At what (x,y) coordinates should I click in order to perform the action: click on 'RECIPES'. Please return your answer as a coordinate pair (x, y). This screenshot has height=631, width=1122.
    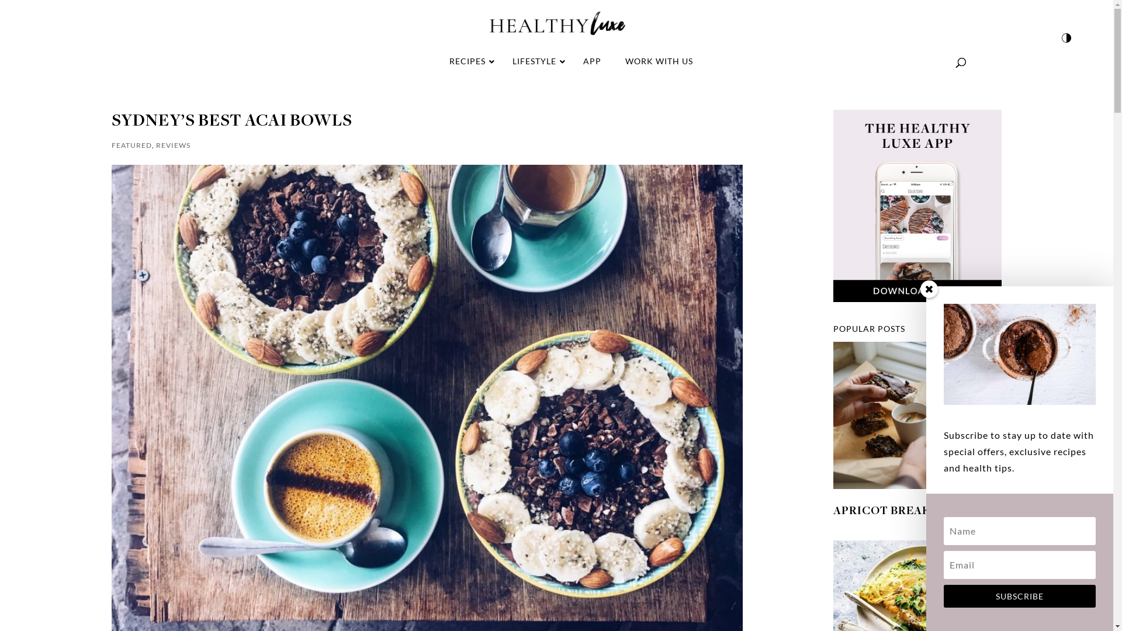
    Looking at the image, I should click on (469, 61).